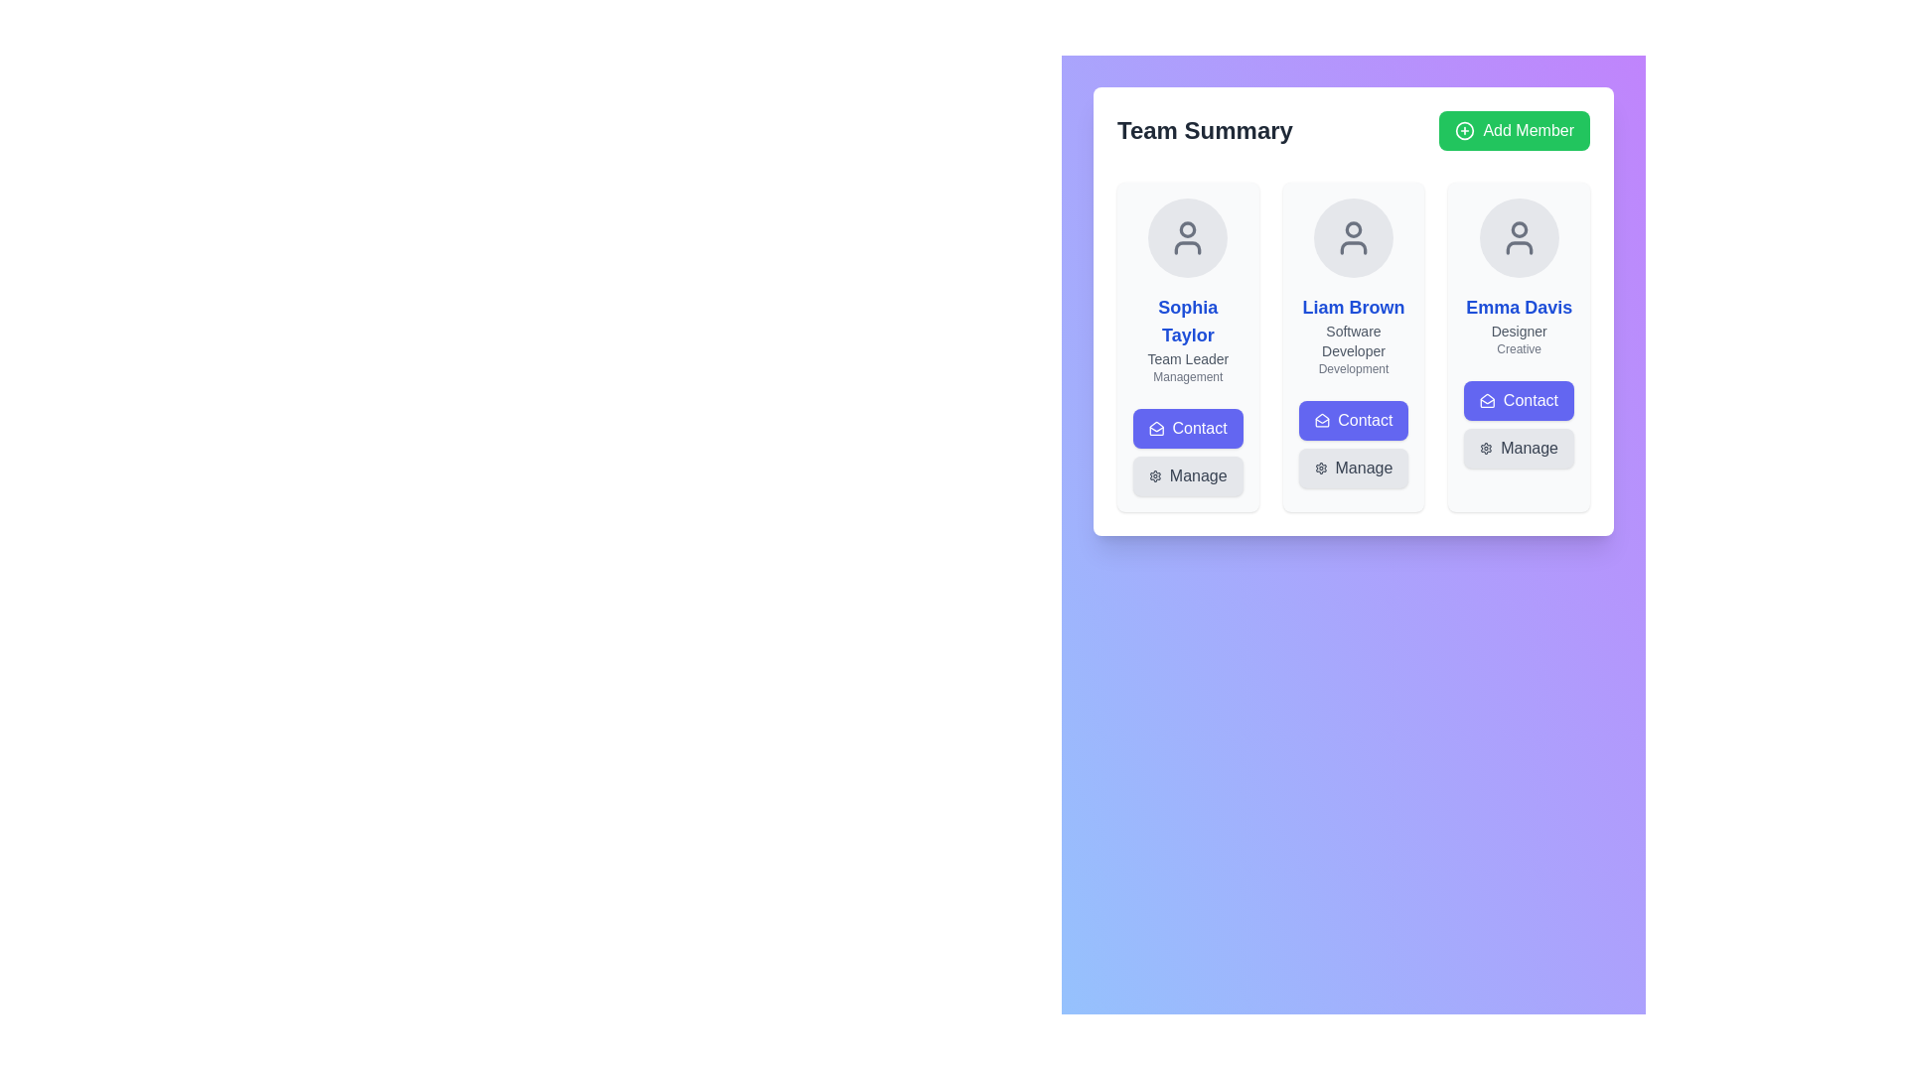  Describe the element at coordinates (1188, 247) in the screenshot. I see `the bottom semicircular design of the user profile icon representing 'Sophia Taylor'` at that location.